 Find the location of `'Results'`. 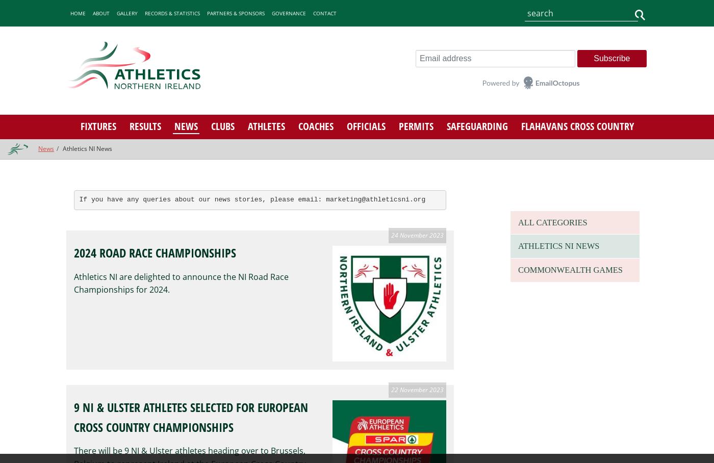

'Results' is located at coordinates (145, 125).